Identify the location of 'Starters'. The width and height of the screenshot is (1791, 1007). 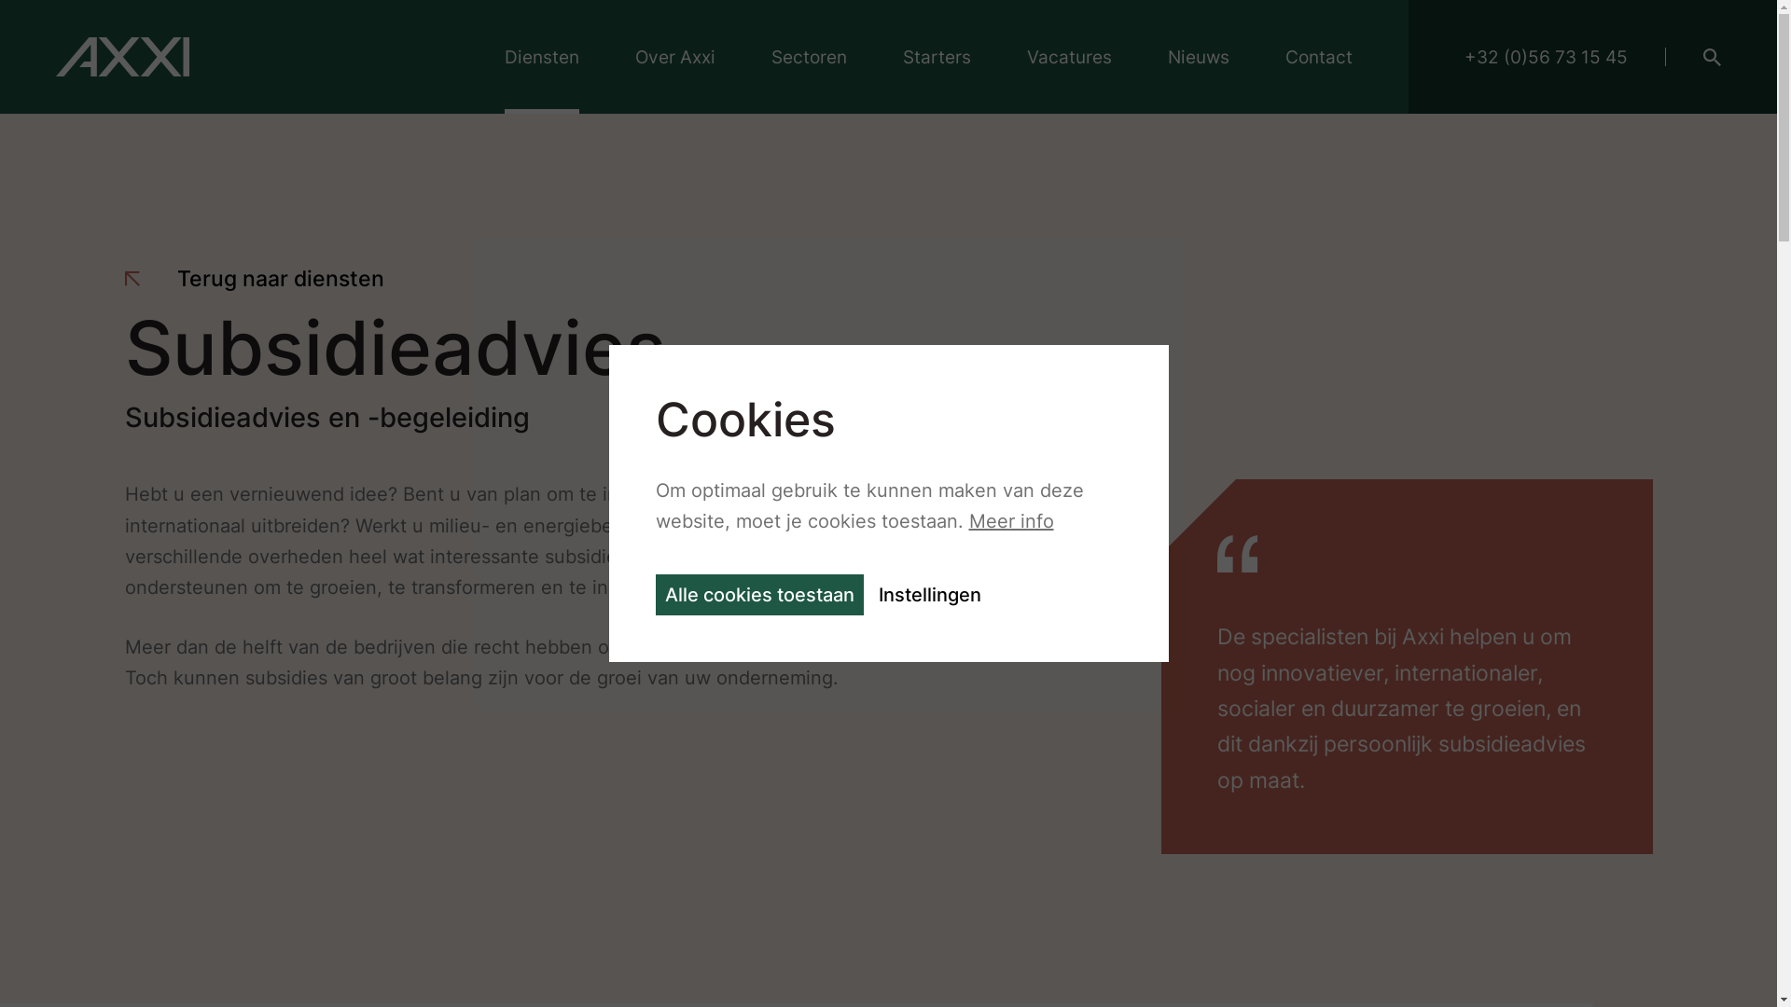
(937, 56).